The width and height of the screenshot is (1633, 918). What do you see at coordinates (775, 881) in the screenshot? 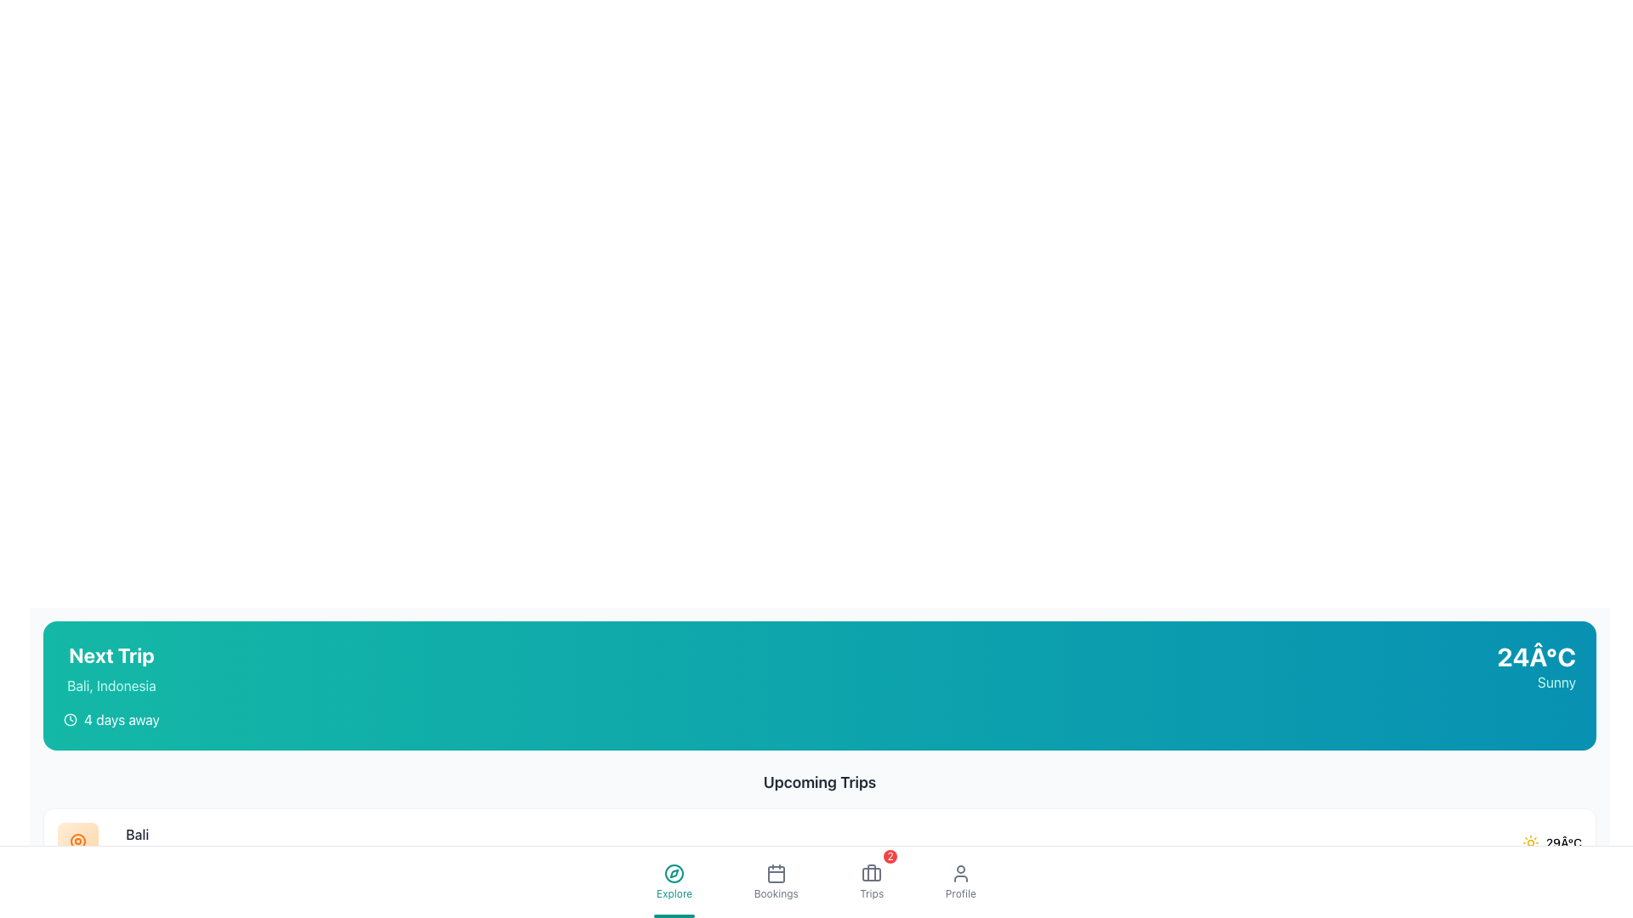
I see `the 'Bookings' button, which is the second item in the horizontal navigation menu, located between 'Explore' and 'Trips', to provide visual feedback` at bounding box center [775, 881].